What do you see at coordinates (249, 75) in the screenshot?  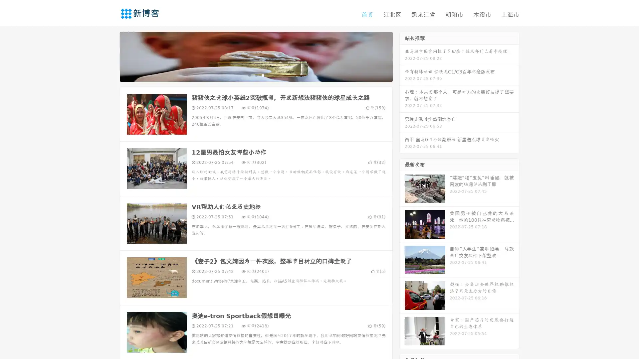 I see `Go to slide 1` at bounding box center [249, 75].